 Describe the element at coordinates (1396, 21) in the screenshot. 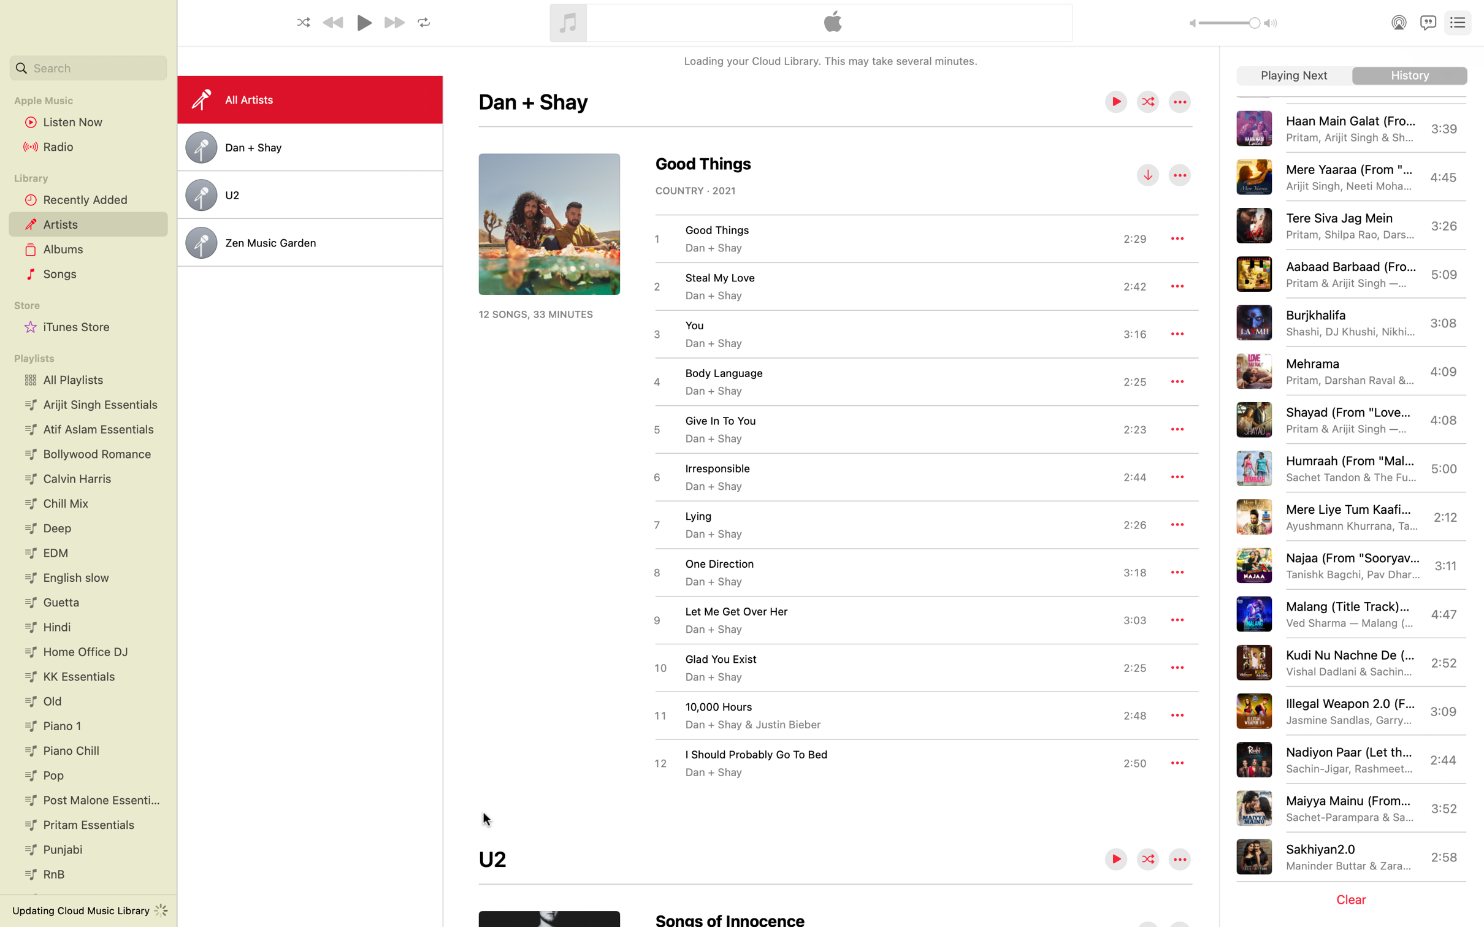

I see `Enable the airplay option on your music app` at that location.